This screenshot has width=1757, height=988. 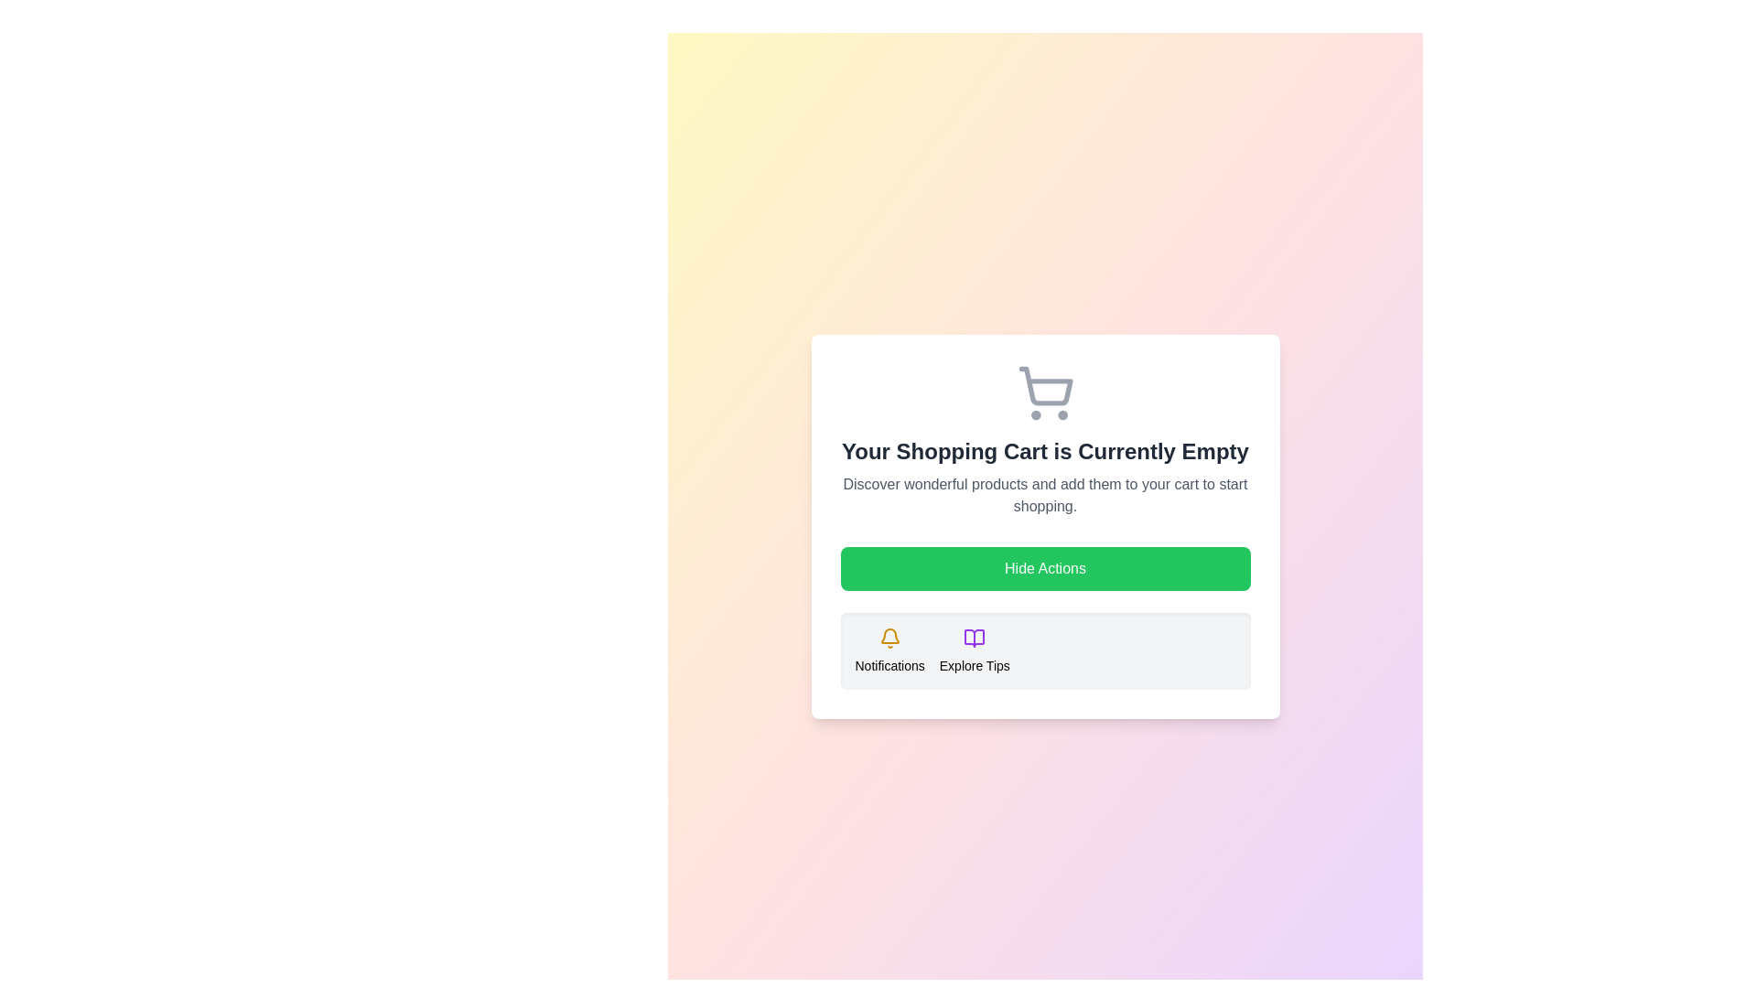 I want to click on the shopping cart icon that indicates the user's shopping cart status, which is currently empty, located above the text 'Your Shopping Cart is Currently Empty.', so click(x=1045, y=392).